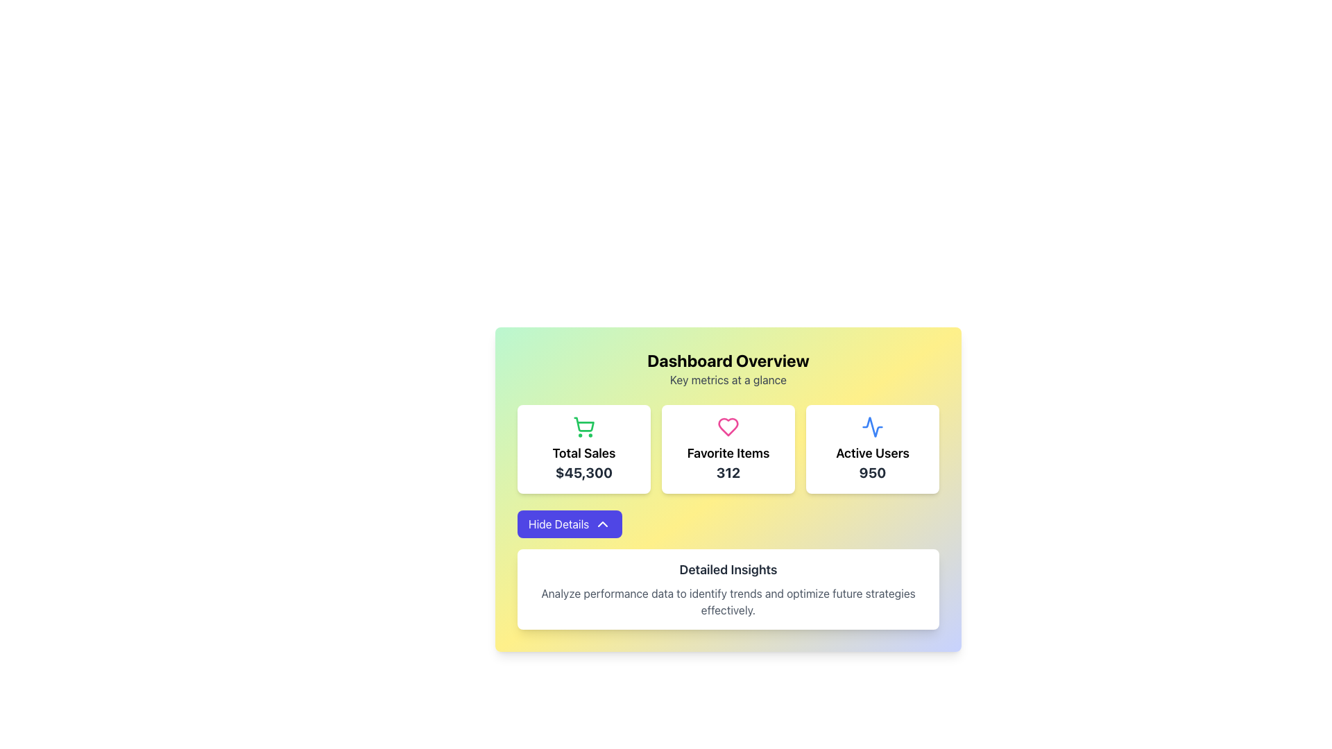 The width and height of the screenshot is (1332, 749). What do you see at coordinates (871, 454) in the screenshot?
I see `the Text Label that reads 'Active Users', which is styled in bold and semi-large font, positioned below an activity icon within the 'Active Users 950' card section` at bounding box center [871, 454].